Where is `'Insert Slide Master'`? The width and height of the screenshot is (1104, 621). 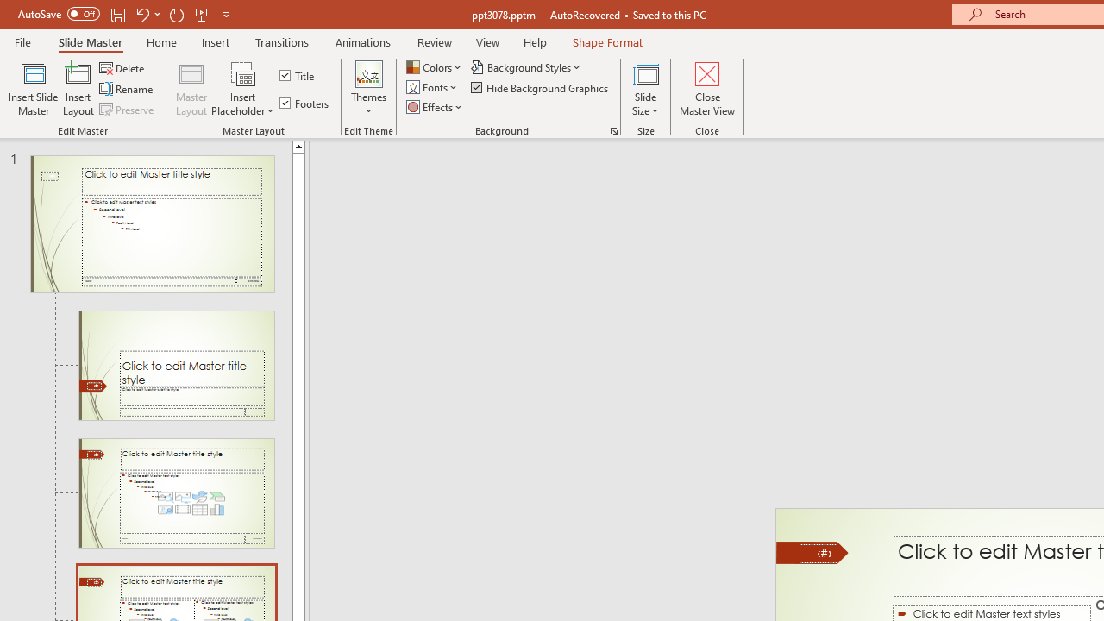
'Insert Slide Master' is located at coordinates (34, 89).